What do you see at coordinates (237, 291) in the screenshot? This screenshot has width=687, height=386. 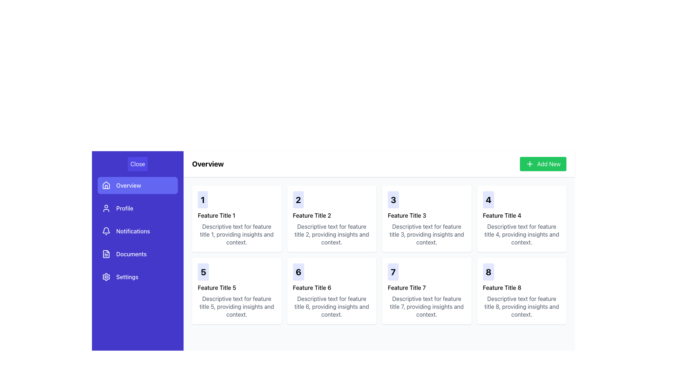 I see `the Informational card displaying 'Feature Title 5', which is the first card in the second row of the grid layout` at bounding box center [237, 291].